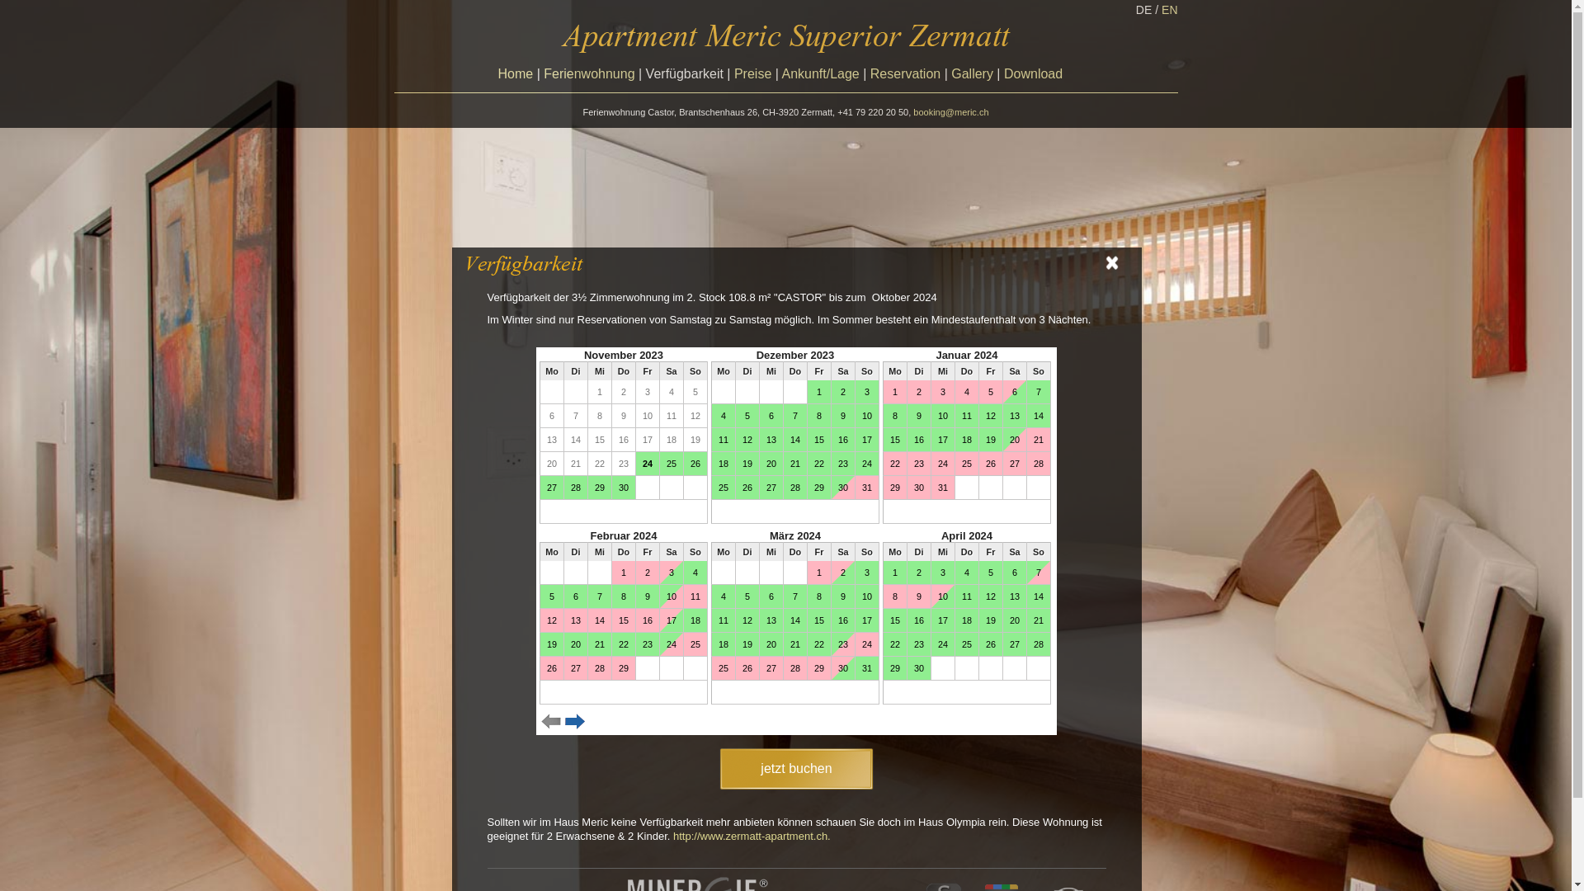 This screenshot has height=891, width=1584. I want to click on 'booking@meric.ch', so click(912, 111).